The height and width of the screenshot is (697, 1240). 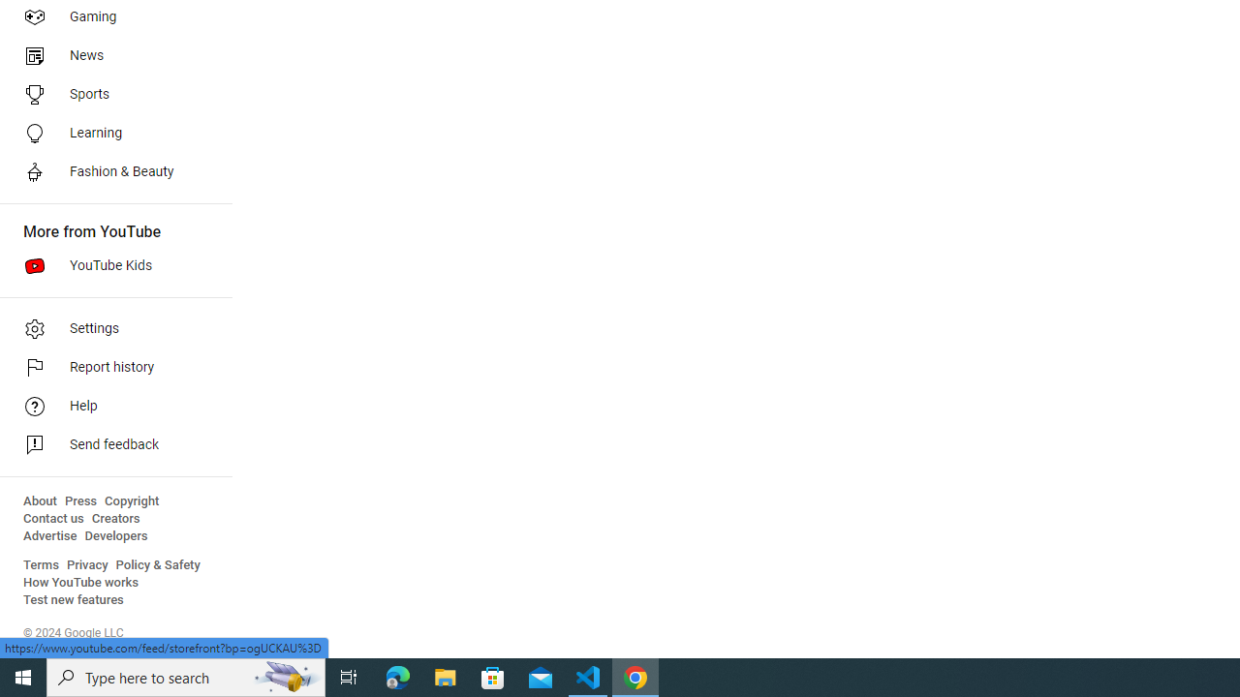 I want to click on 'Learning', so click(x=108, y=132).